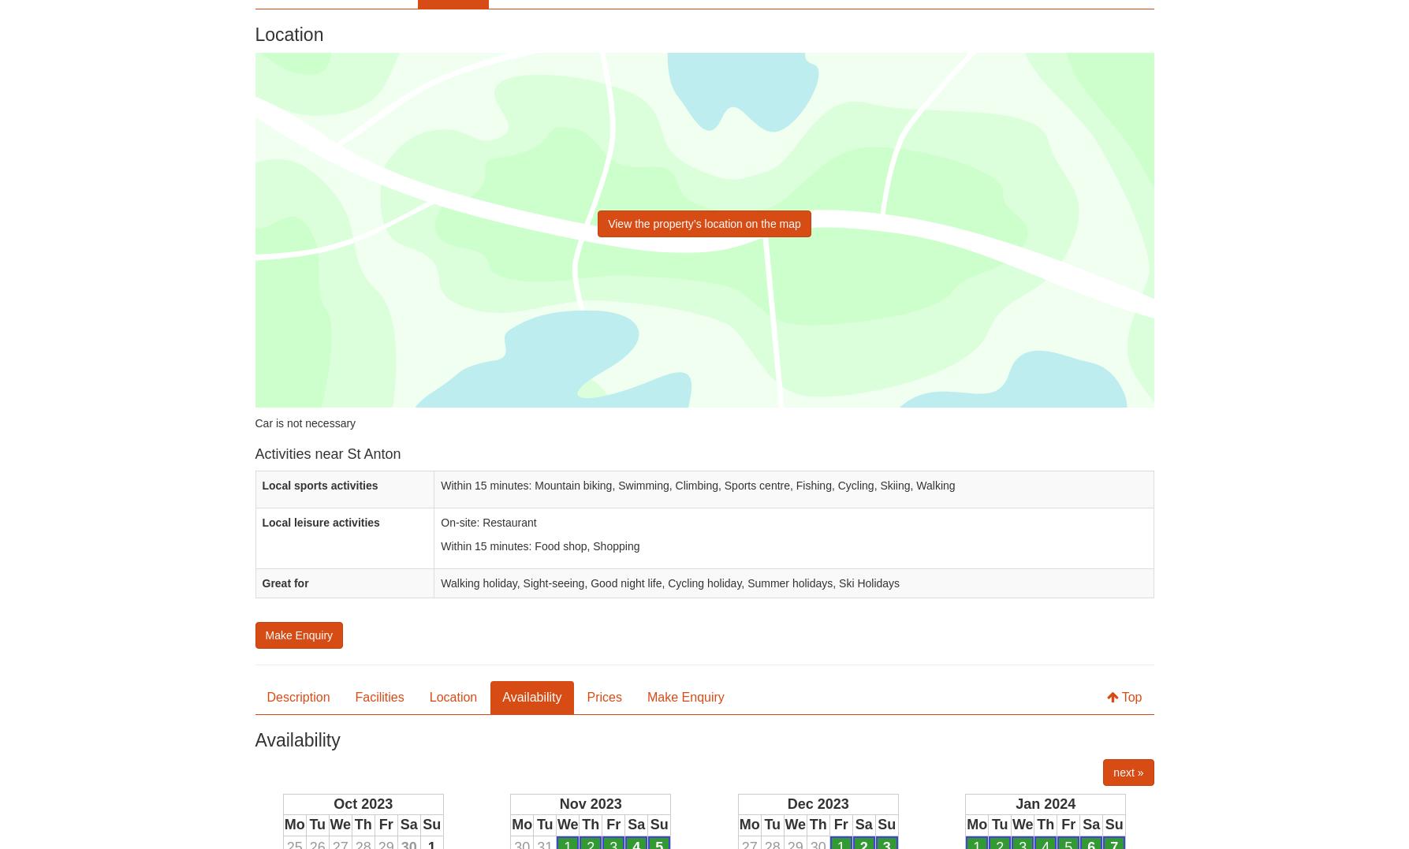 This screenshot has height=849, width=1409. Describe the element at coordinates (703, 222) in the screenshot. I see `'View the property’s location on the map'` at that location.